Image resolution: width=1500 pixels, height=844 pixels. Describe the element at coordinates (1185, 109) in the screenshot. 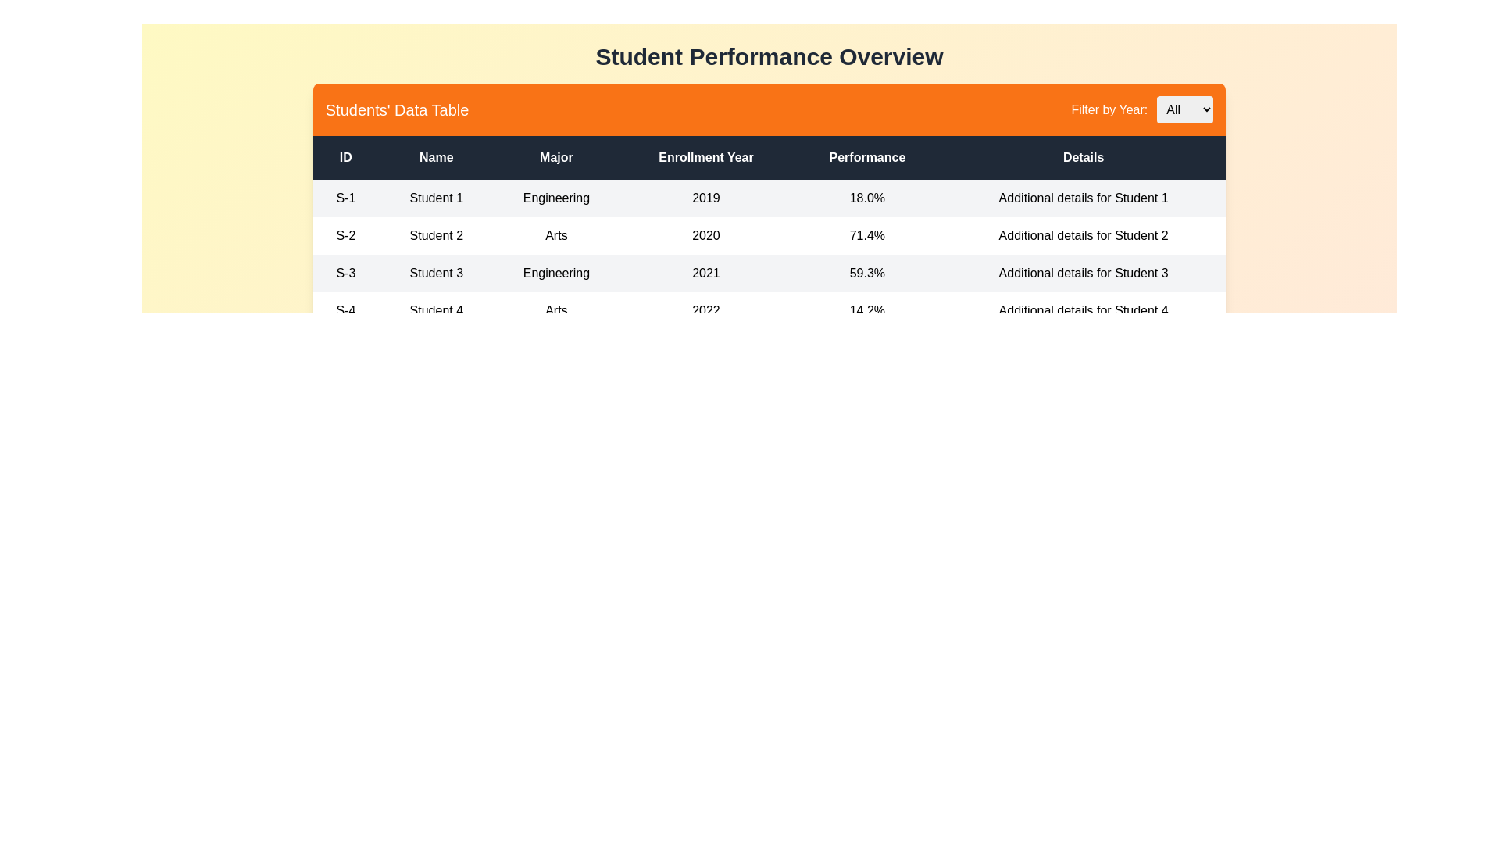

I see `the year 2021 from the dropdown to filter the table` at that location.